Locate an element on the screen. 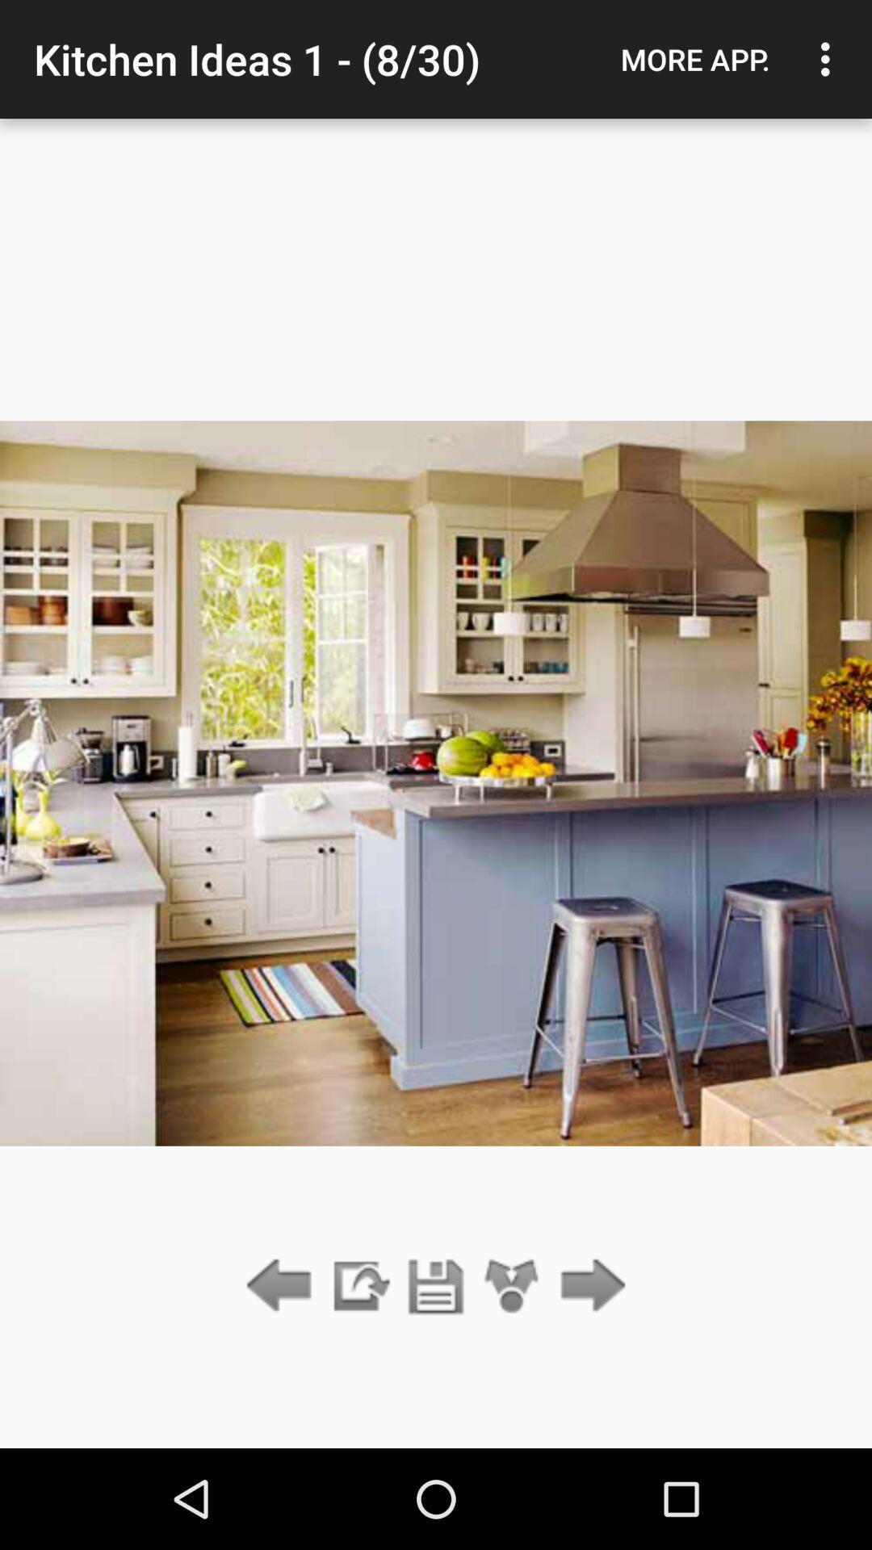 The height and width of the screenshot is (1550, 872). the save icon is located at coordinates (436, 1286).